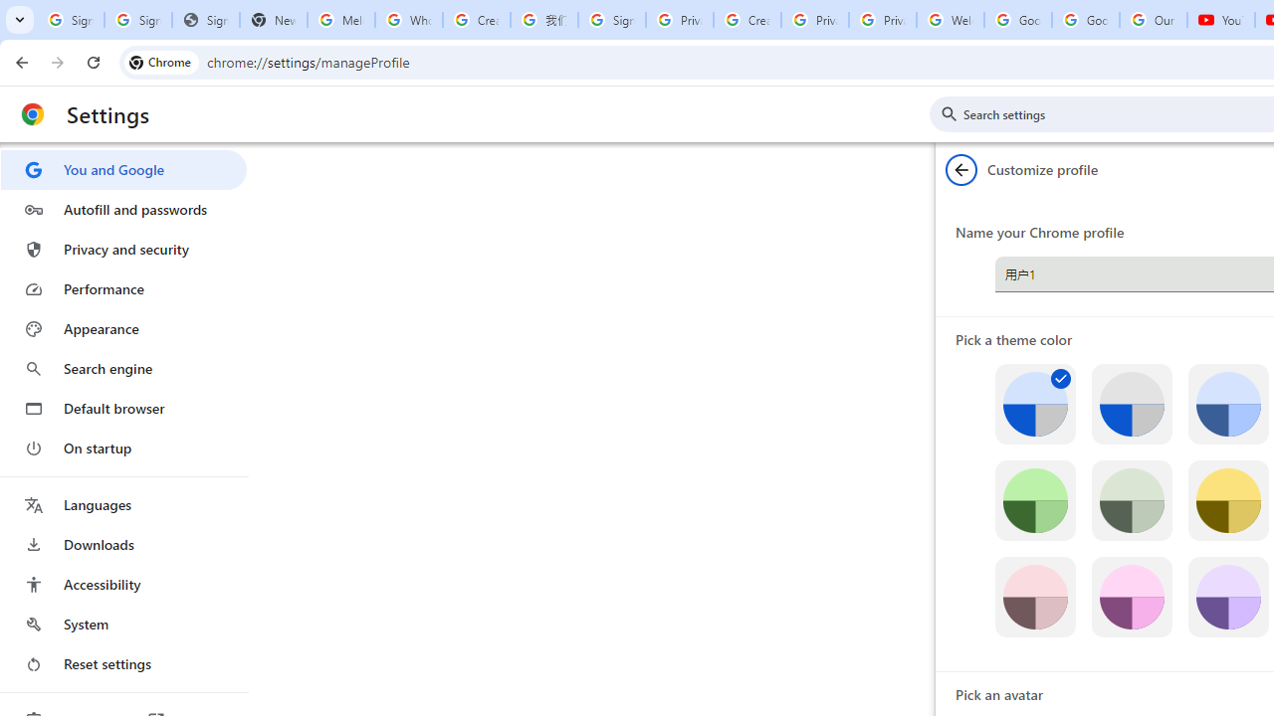 The width and height of the screenshot is (1274, 716). What do you see at coordinates (122, 408) in the screenshot?
I see `'Default browser'` at bounding box center [122, 408].